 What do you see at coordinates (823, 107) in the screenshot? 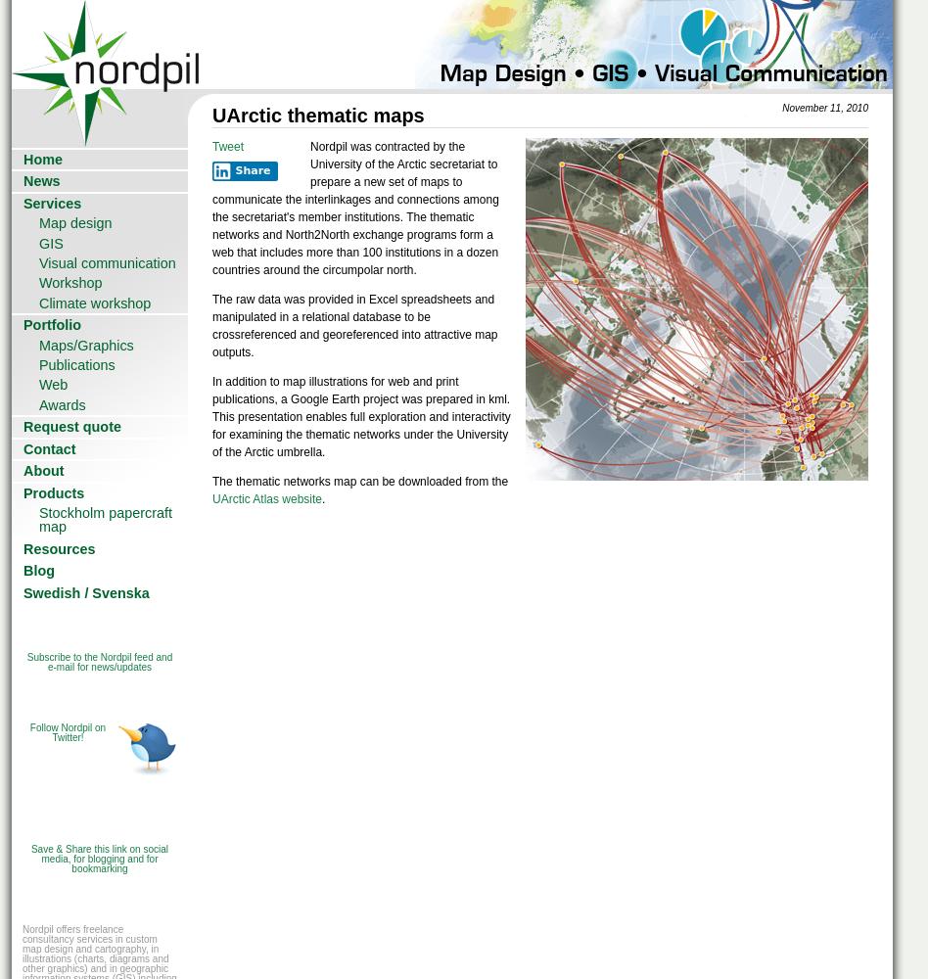
I see `'November 11, 2010'` at bounding box center [823, 107].